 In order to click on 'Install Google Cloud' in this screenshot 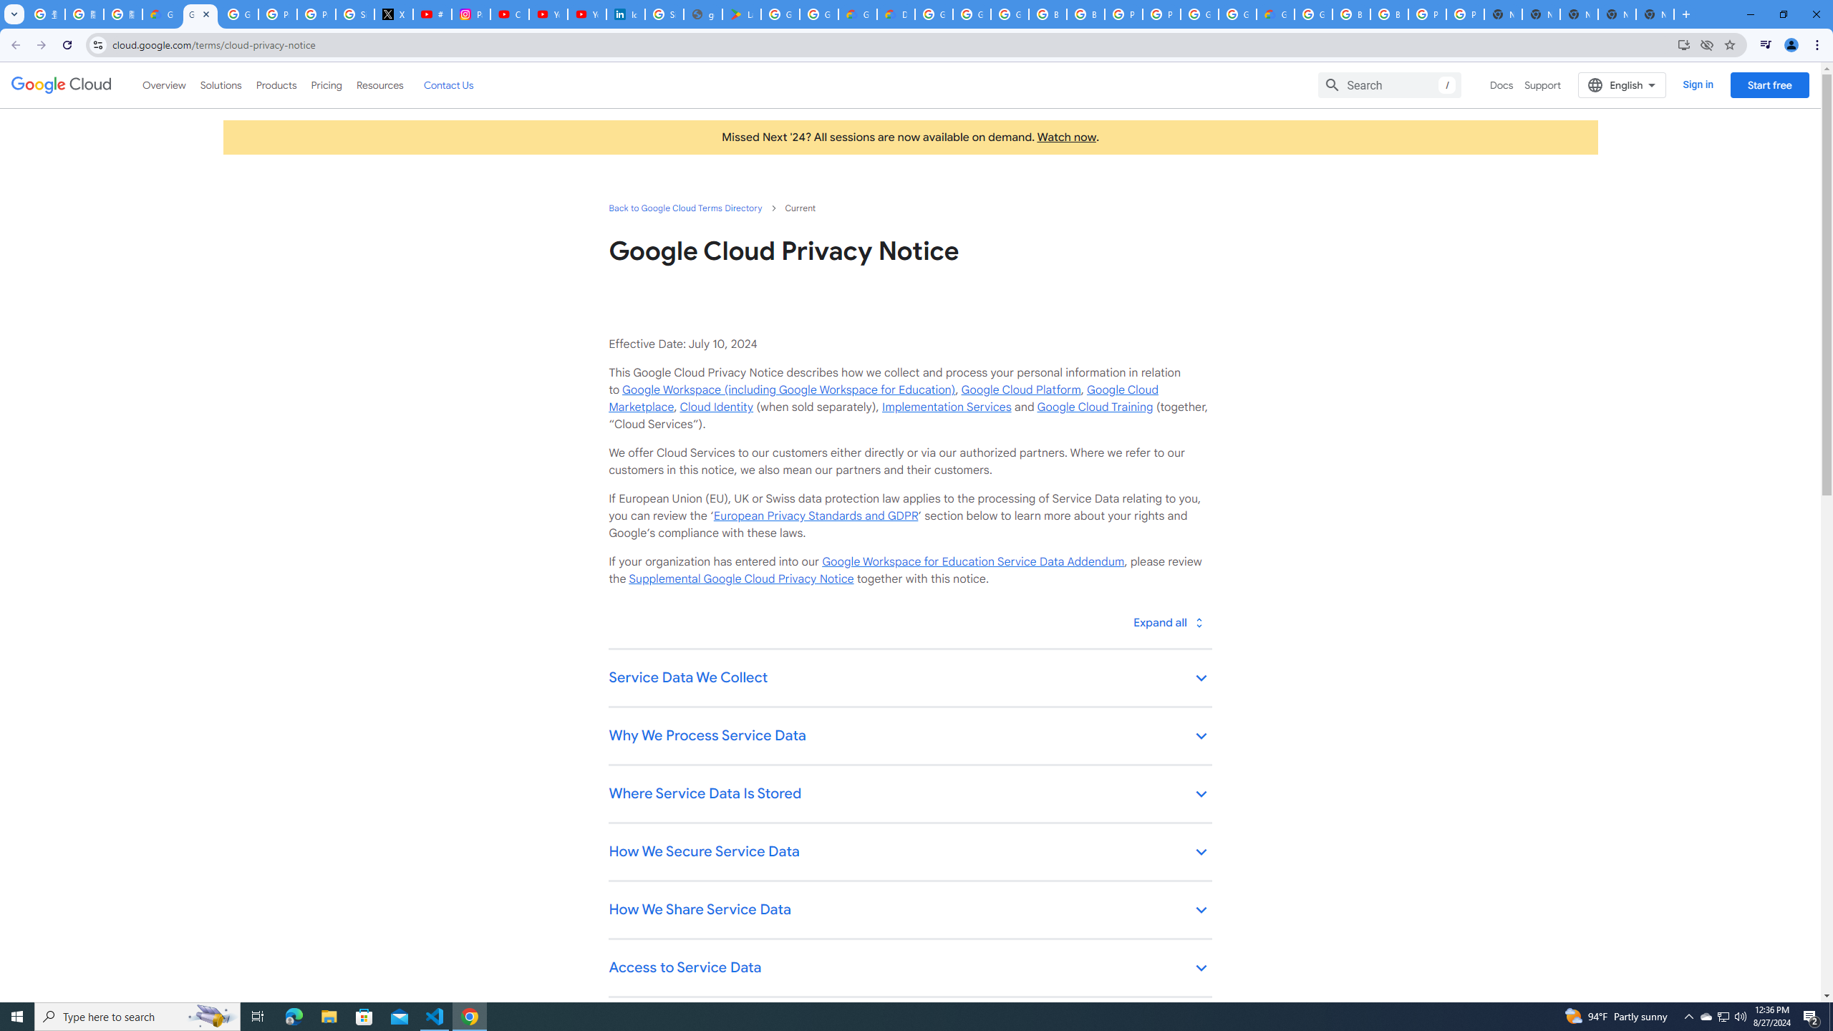, I will do `click(1683, 44)`.